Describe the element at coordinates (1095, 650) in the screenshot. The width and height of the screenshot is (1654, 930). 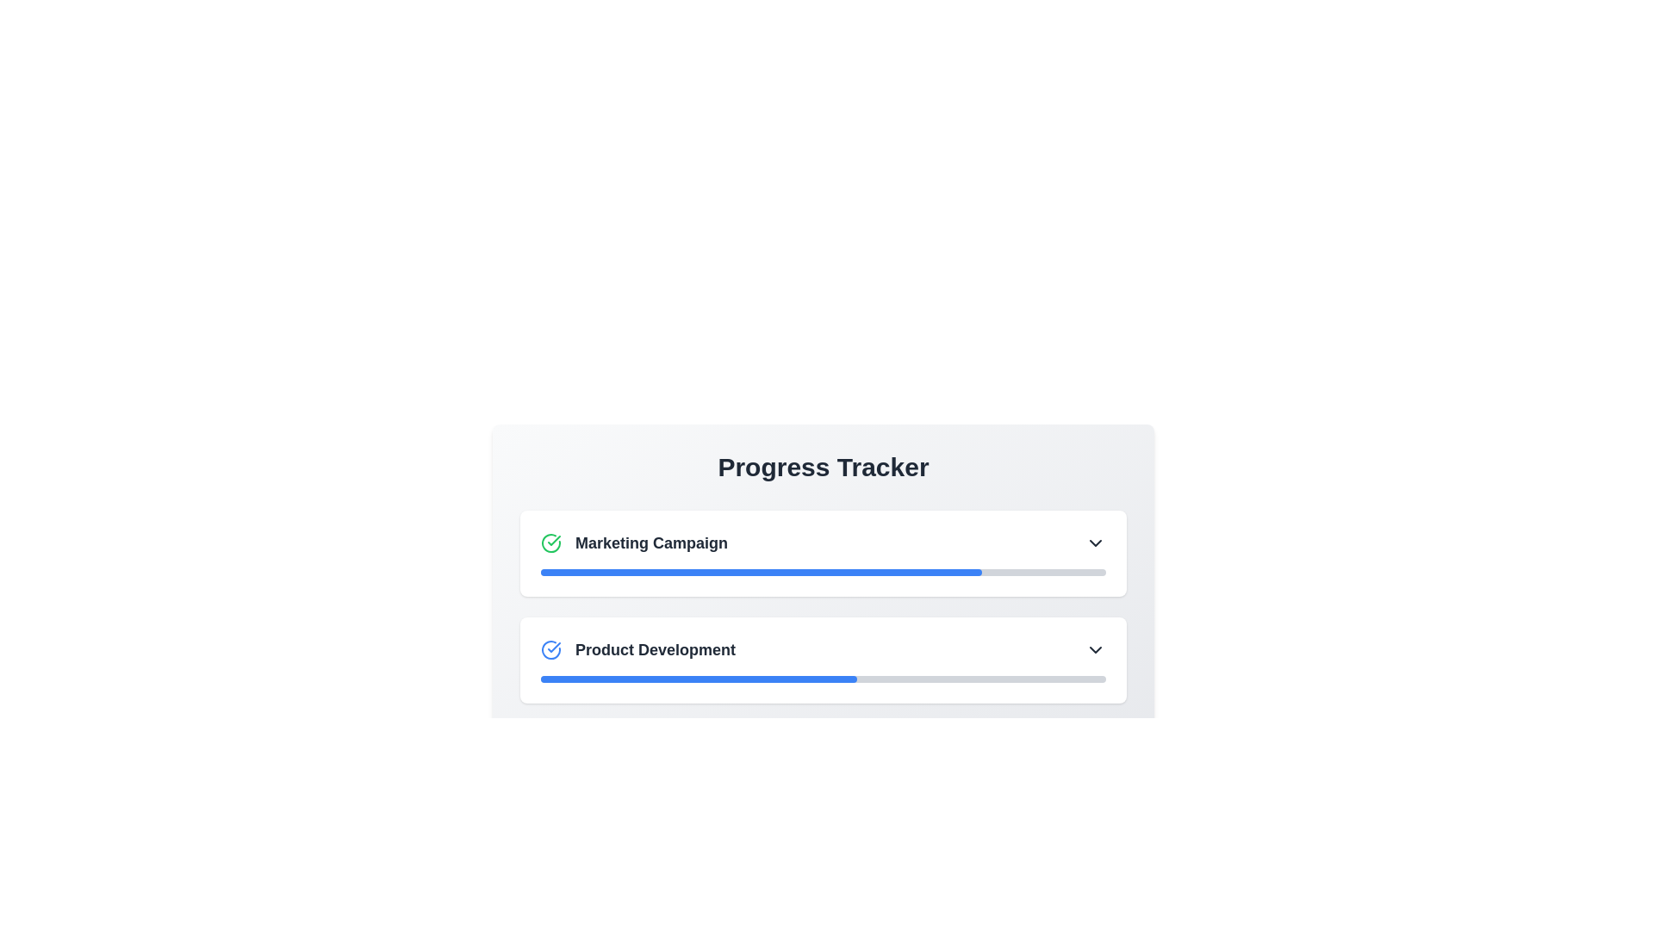
I see `the dropdown indicator icon, a gray downward-pointing chevron located to the far-right side of the 'Product Development' section` at that location.